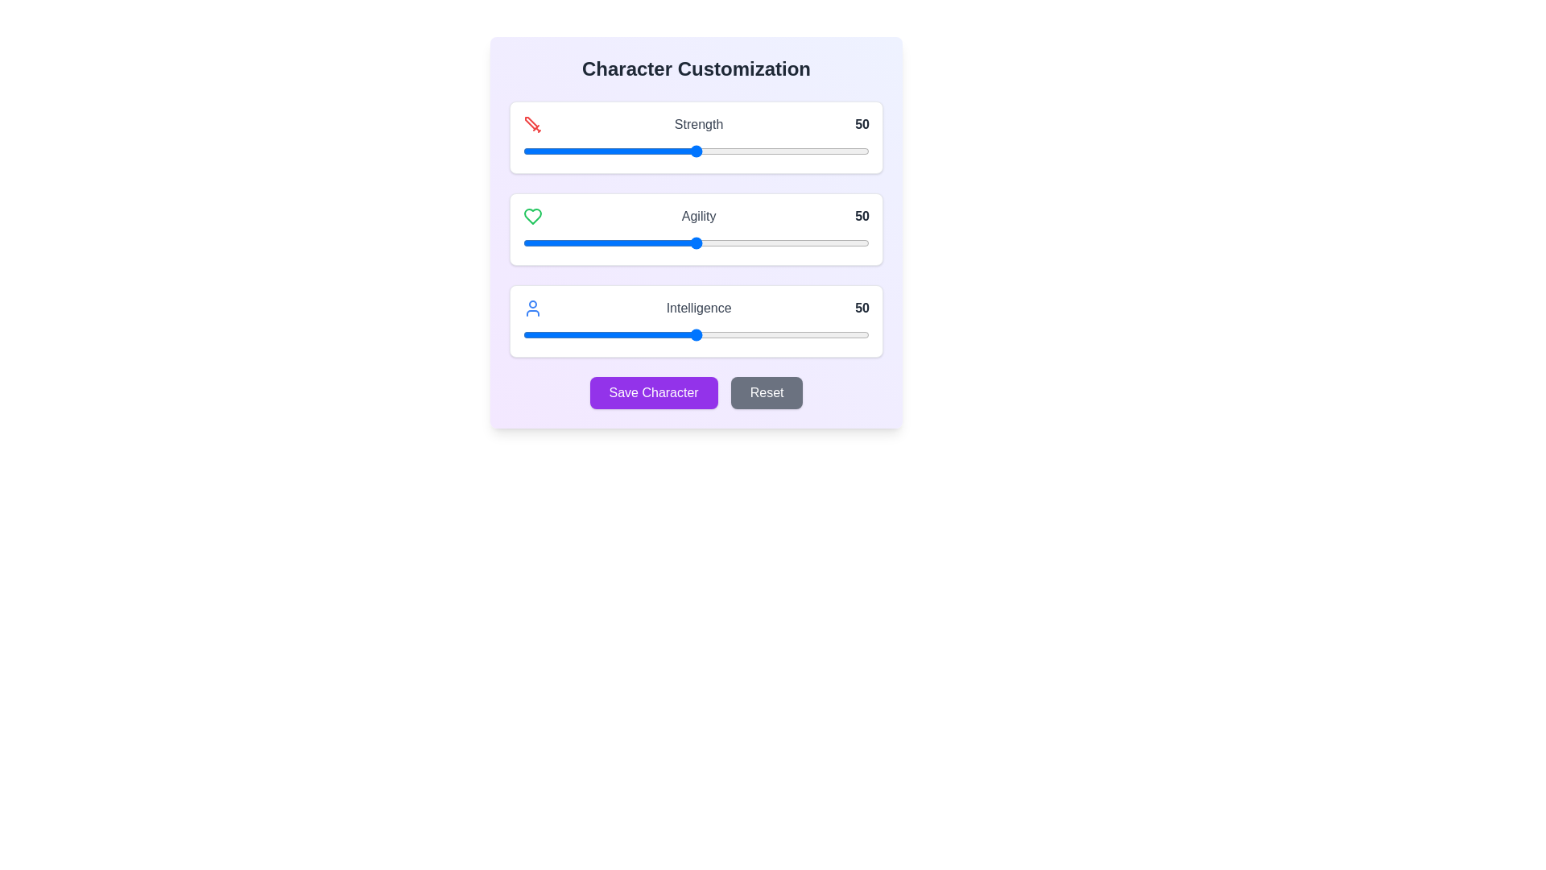 The height and width of the screenshot is (870, 1546). Describe the element at coordinates (653, 393) in the screenshot. I see `the 'Save Character' button to save the character's attributes` at that location.